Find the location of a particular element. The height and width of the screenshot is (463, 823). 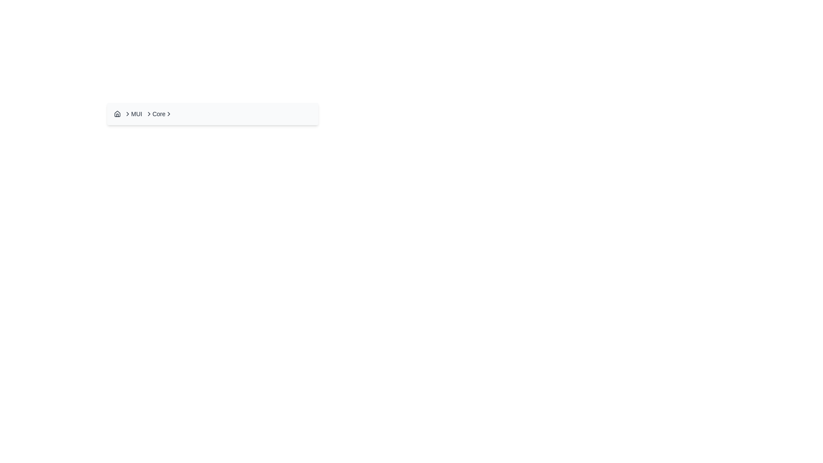

the clickable breadcrumb link with an accompanying icon is located at coordinates (162, 114).